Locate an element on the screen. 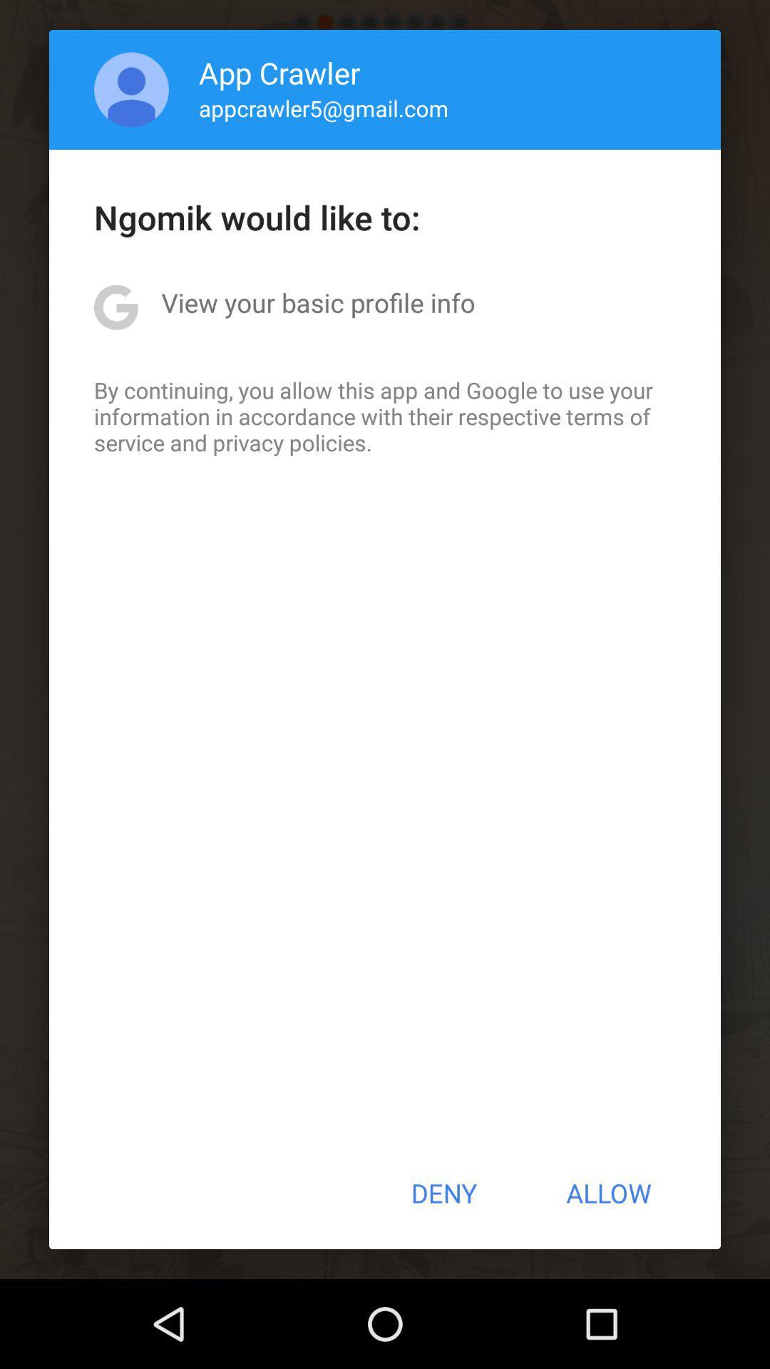 Image resolution: width=770 pixels, height=1369 pixels. the view your basic icon is located at coordinates (317, 302).